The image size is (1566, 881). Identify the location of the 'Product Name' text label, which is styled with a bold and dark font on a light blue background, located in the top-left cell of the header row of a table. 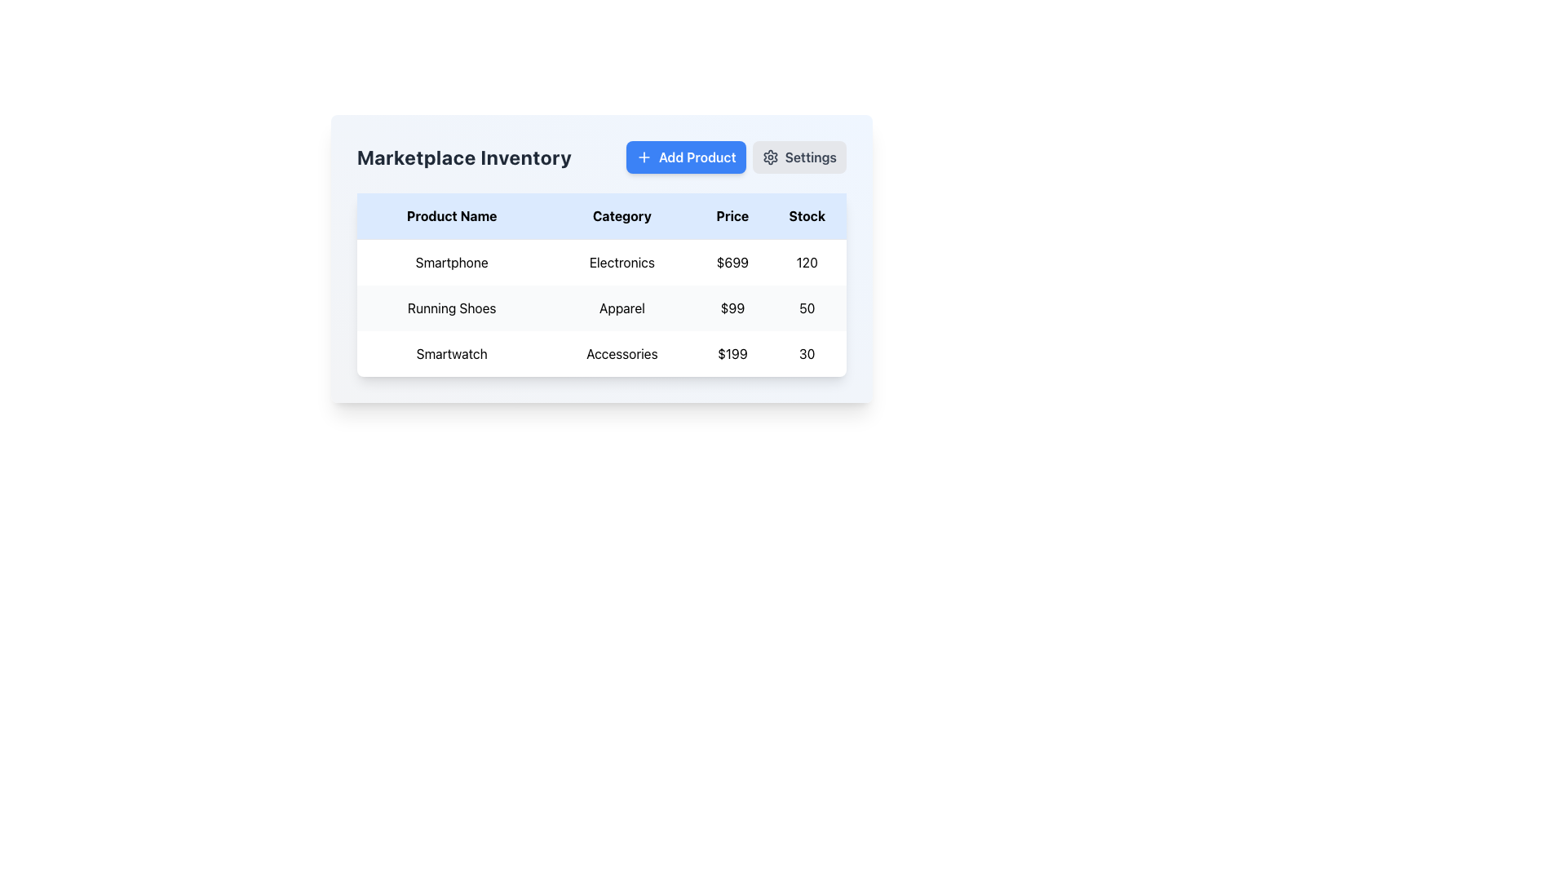
(452, 215).